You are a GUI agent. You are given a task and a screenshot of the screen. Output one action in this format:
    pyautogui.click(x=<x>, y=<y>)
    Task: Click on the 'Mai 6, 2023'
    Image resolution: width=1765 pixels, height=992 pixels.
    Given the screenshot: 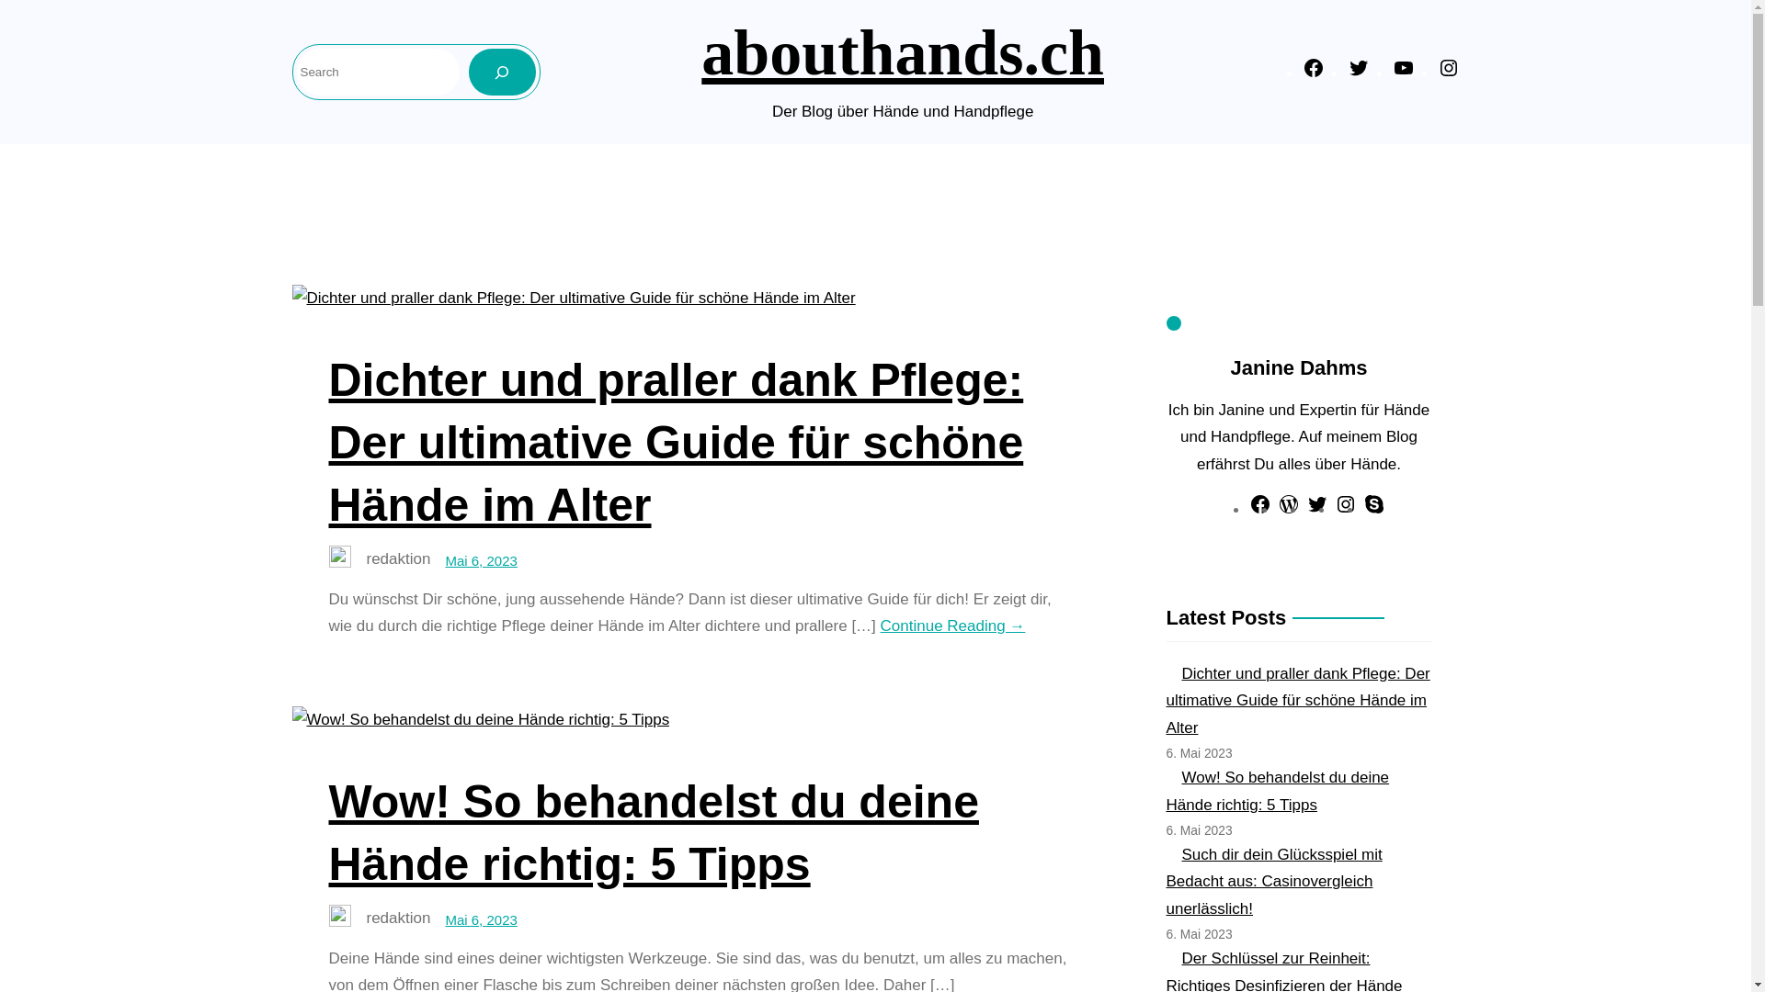 What is the action you would take?
    pyautogui.click(x=481, y=559)
    